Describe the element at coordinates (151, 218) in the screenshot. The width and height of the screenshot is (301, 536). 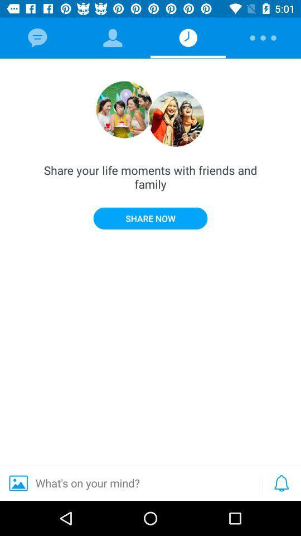
I see `the share now icon` at that location.